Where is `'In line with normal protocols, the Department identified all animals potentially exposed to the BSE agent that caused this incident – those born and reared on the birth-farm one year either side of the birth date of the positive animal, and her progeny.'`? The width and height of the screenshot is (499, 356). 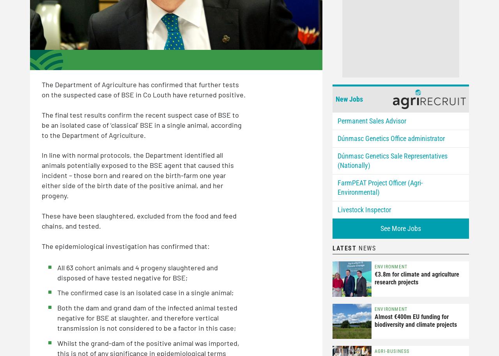 'In line with normal protocols, the Department identified all animals potentially exposed to the BSE agent that caused this incident – those born and reared on the birth-farm one year either side of the birth date of the positive animal, and her progeny.' is located at coordinates (41, 174).